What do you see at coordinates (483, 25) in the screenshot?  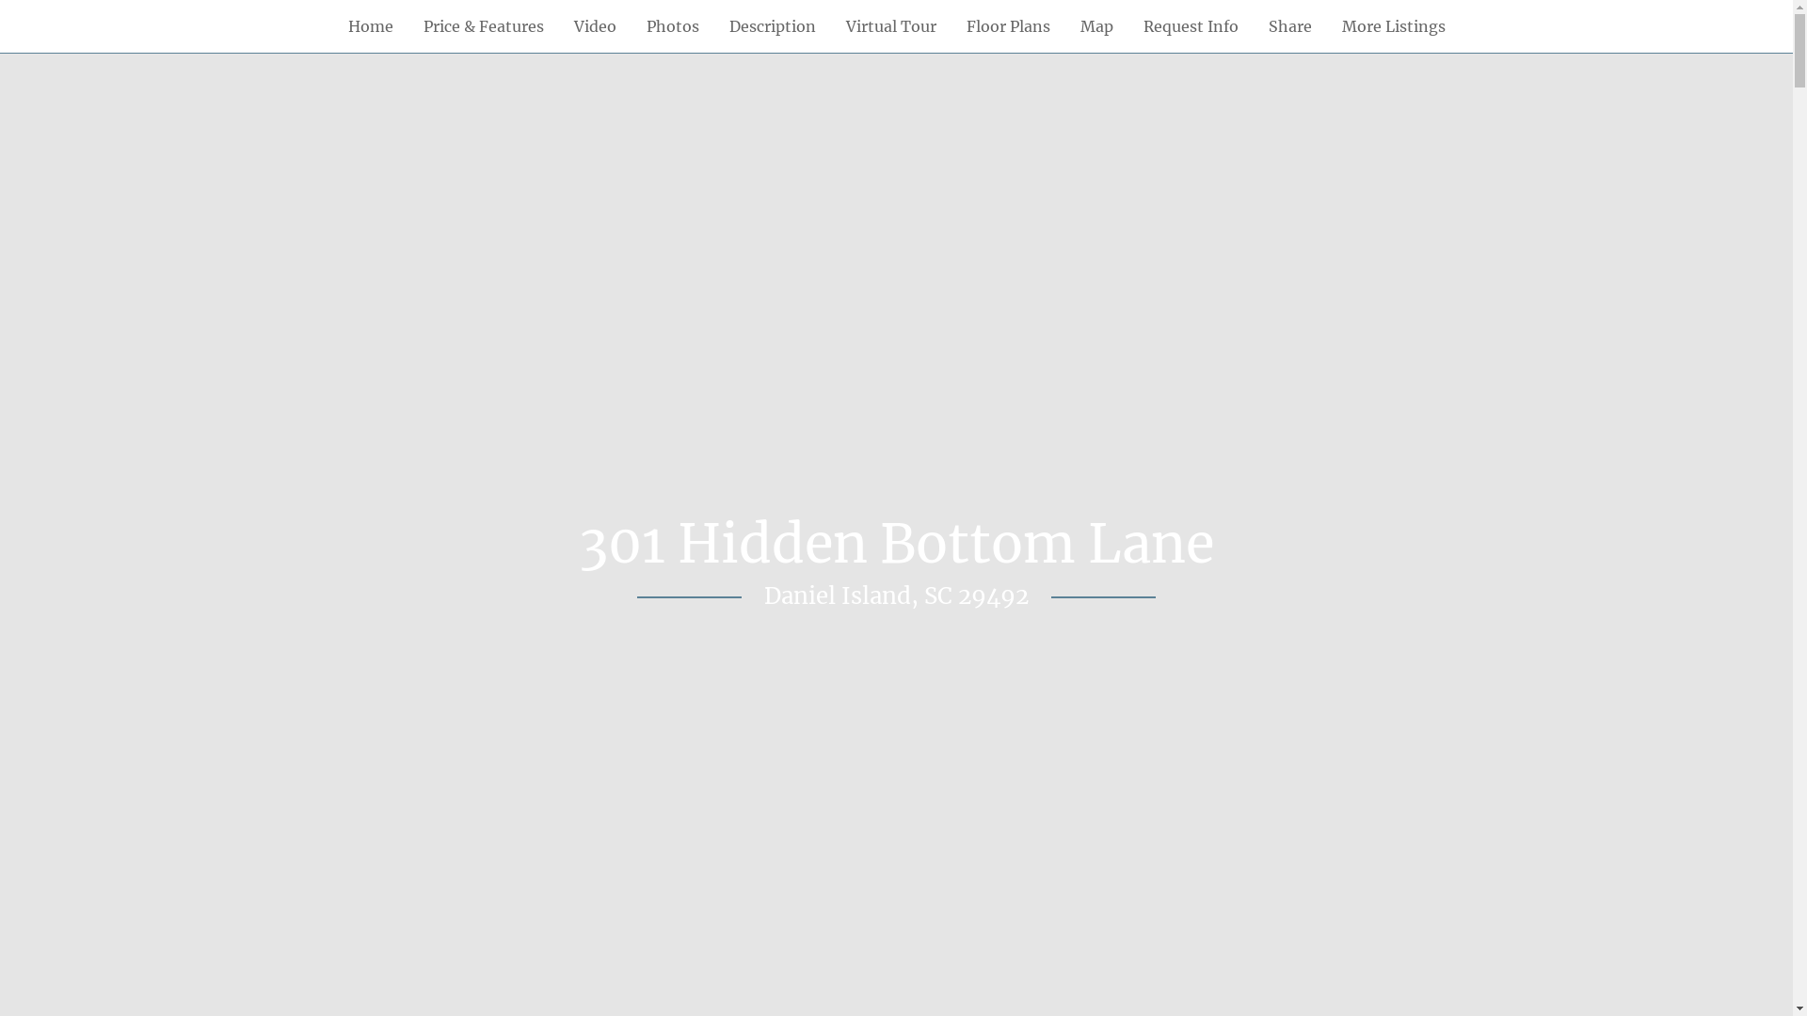 I see `'Price & Features'` at bounding box center [483, 25].